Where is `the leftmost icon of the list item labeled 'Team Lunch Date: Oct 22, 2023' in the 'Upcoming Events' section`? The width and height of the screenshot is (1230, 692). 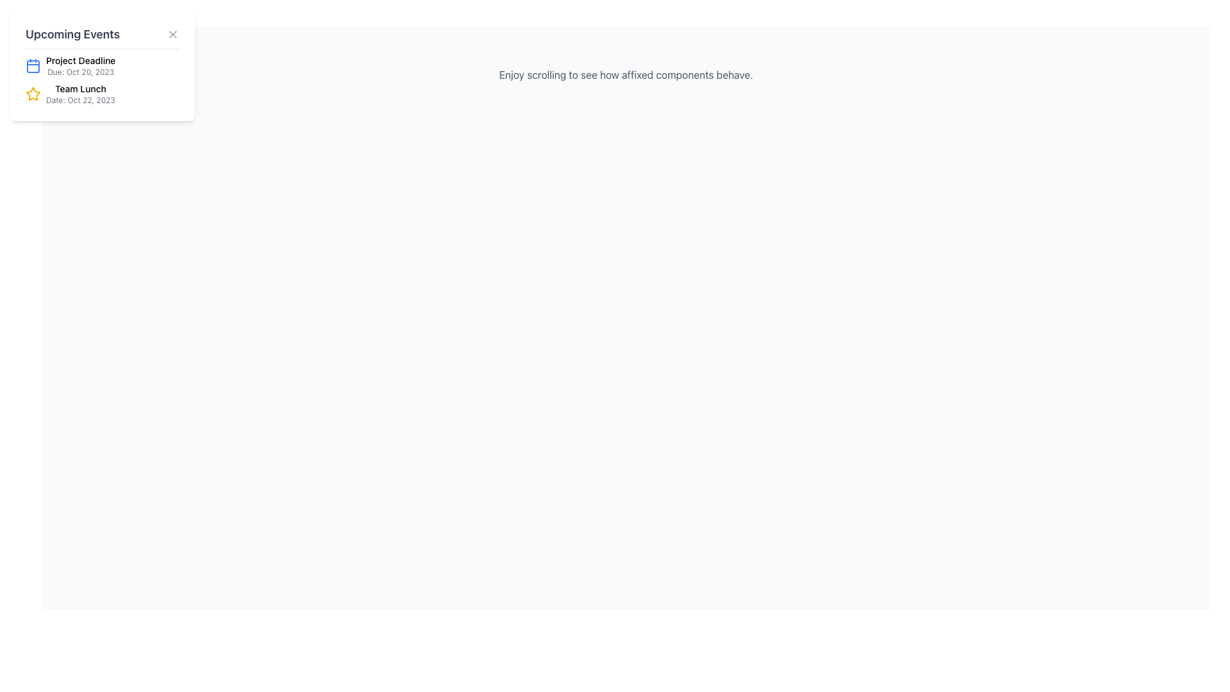
the leftmost icon of the list item labeled 'Team Lunch Date: Oct 22, 2023' in the 'Upcoming Events' section is located at coordinates (33, 93).